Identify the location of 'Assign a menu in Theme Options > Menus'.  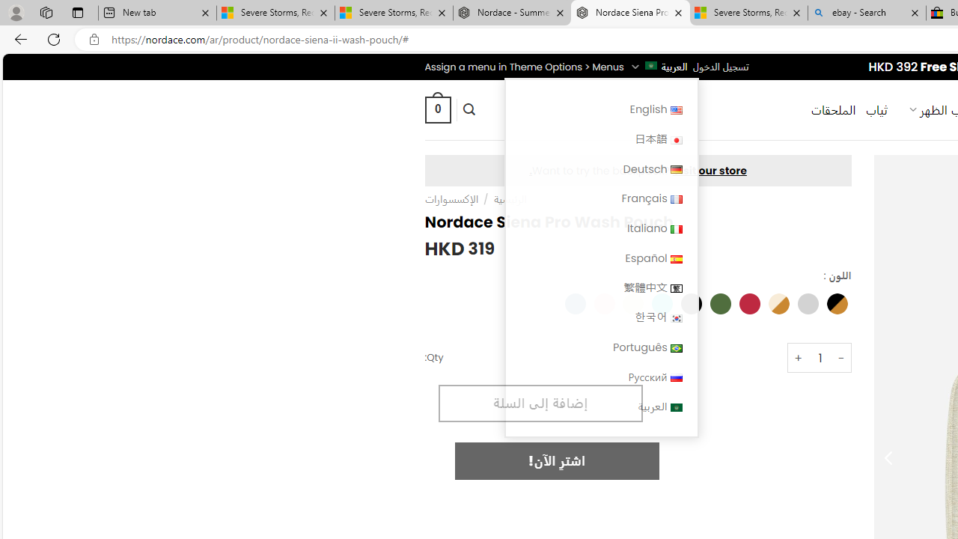
(524, 66).